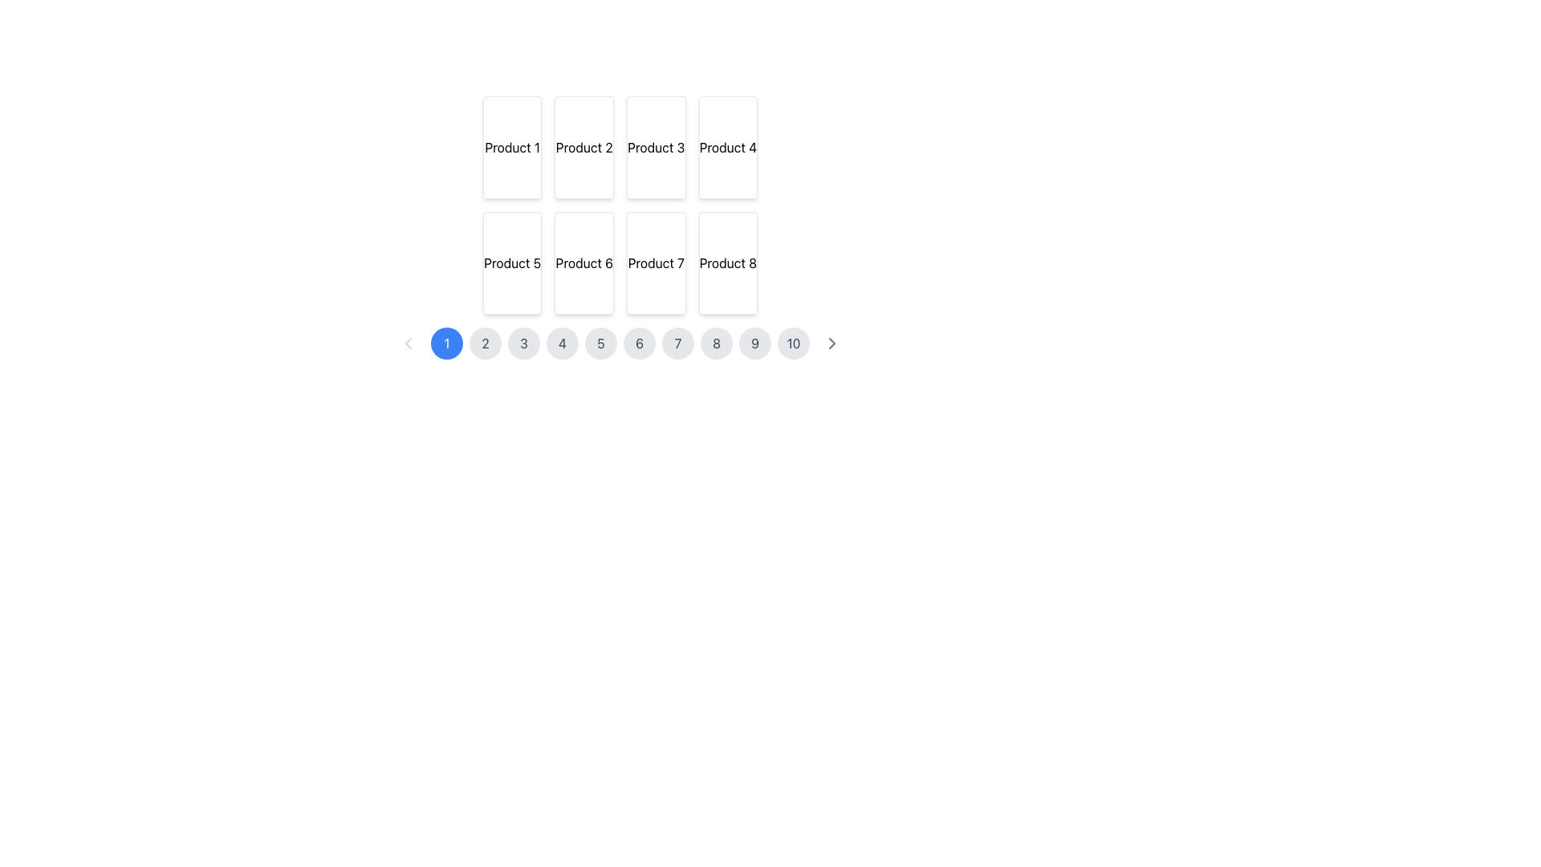 Image resolution: width=1541 pixels, height=867 pixels. Describe the element at coordinates (831, 343) in the screenshot. I see `the rightward-pointing chevron icon` at that location.